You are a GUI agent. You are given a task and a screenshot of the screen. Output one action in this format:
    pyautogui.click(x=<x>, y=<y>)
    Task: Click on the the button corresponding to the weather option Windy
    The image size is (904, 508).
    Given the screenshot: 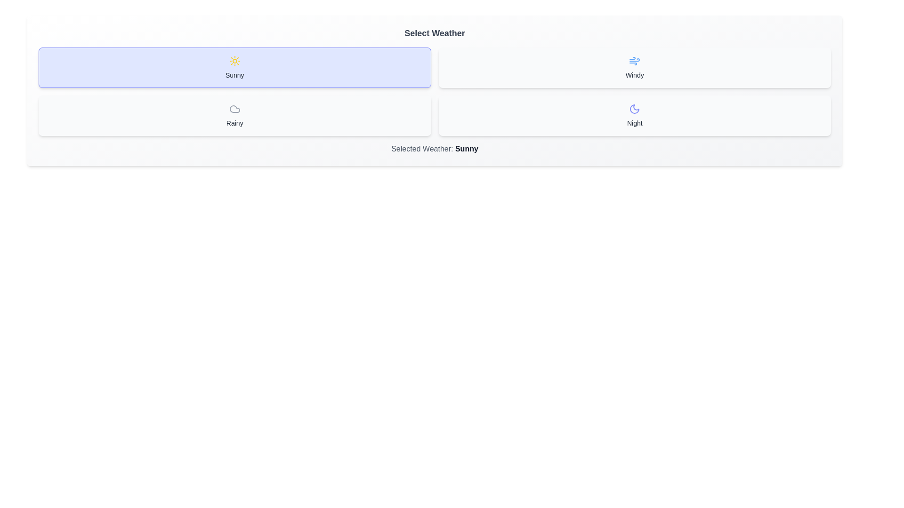 What is the action you would take?
    pyautogui.click(x=635, y=67)
    